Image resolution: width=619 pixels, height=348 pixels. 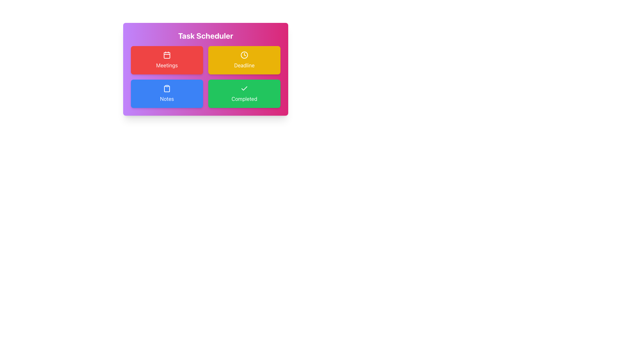 What do you see at coordinates (167, 99) in the screenshot?
I see `the text label located at the bottom of the blue button labeled 'Notes' for accessibility tools` at bounding box center [167, 99].